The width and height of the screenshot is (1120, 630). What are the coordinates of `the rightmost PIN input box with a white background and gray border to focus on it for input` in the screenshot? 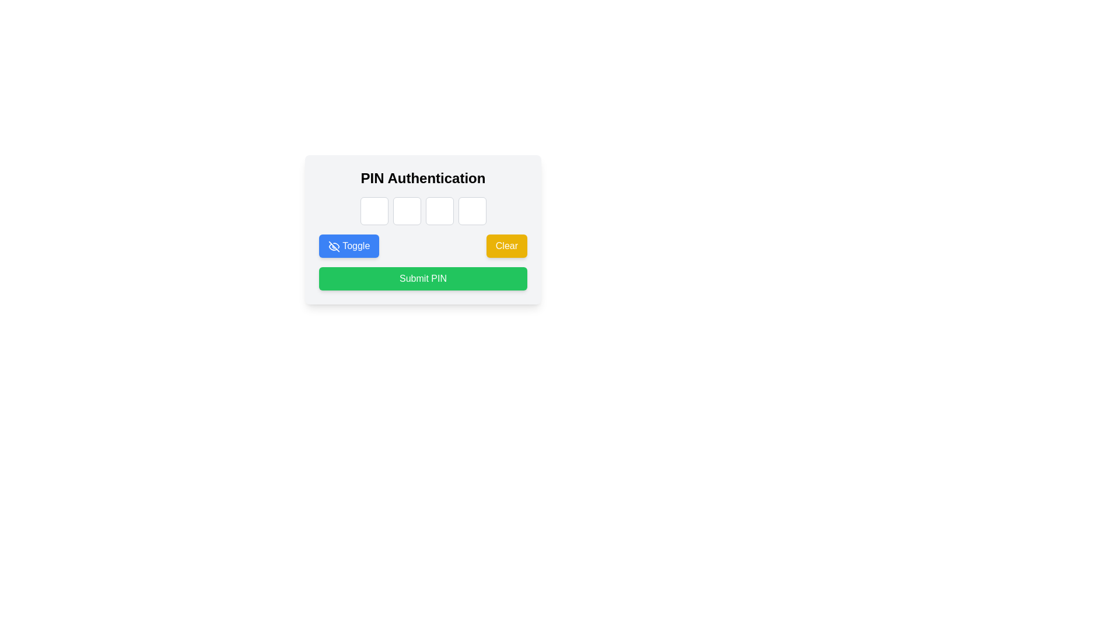 It's located at (472, 211).